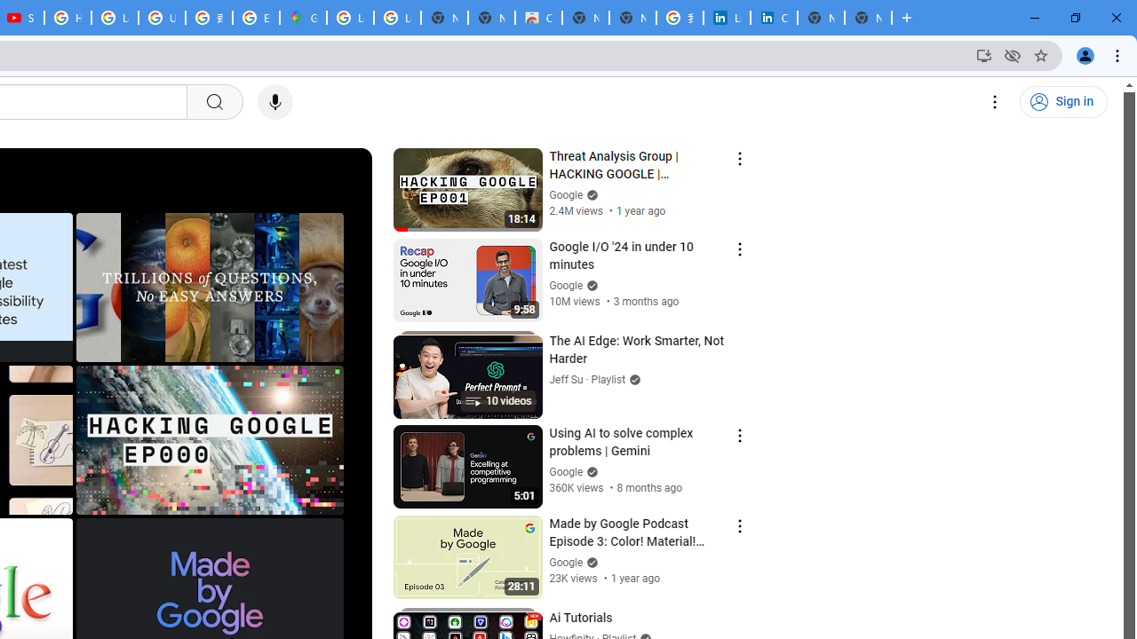 The width and height of the screenshot is (1137, 639). What do you see at coordinates (727, 18) in the screenshot?
I see `'LinkedIn Login, Sign in | LinkedIn'` at bounding box center [727, 18].